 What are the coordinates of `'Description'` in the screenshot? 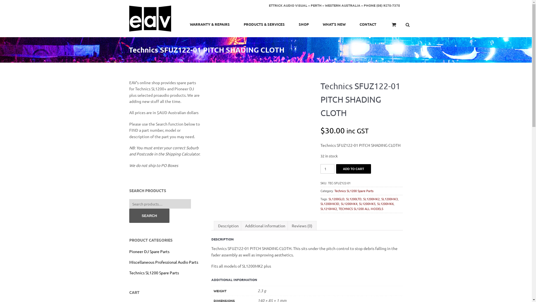 It's located at (228, 225).